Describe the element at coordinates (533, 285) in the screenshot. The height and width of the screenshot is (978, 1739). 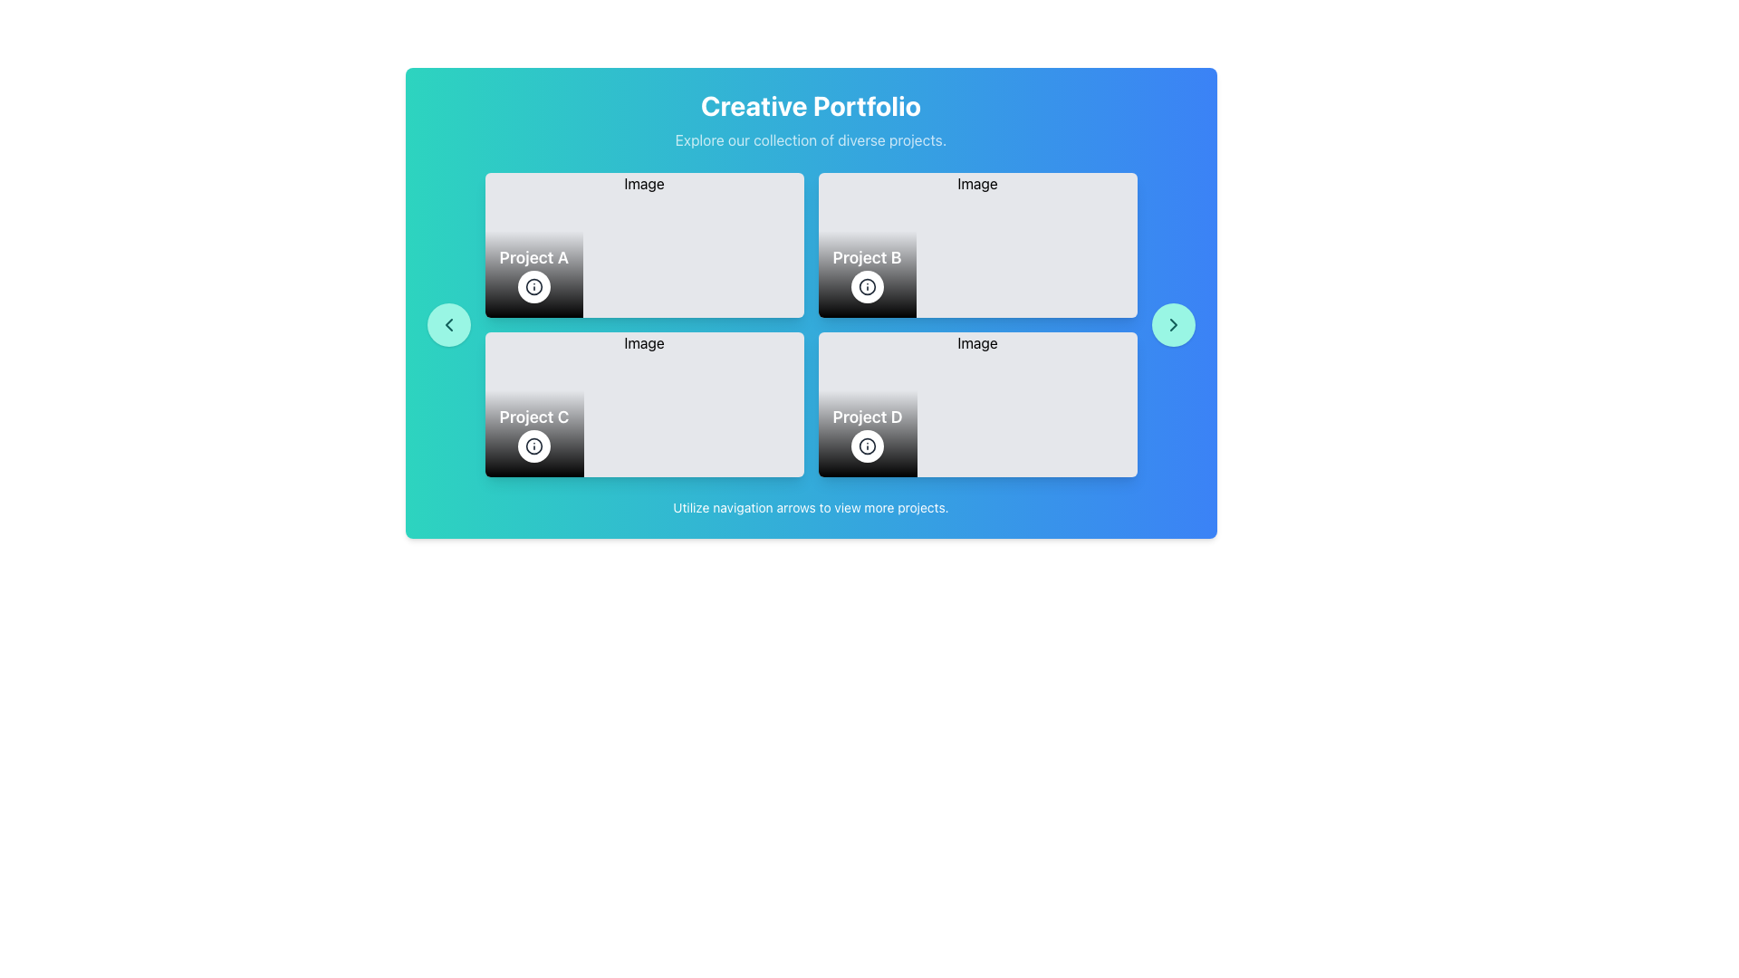
I see `the informational 'i' icon styled as an outlined circle in the lower-left corner of the 'Project B' box for accessibility navigation` at that location.